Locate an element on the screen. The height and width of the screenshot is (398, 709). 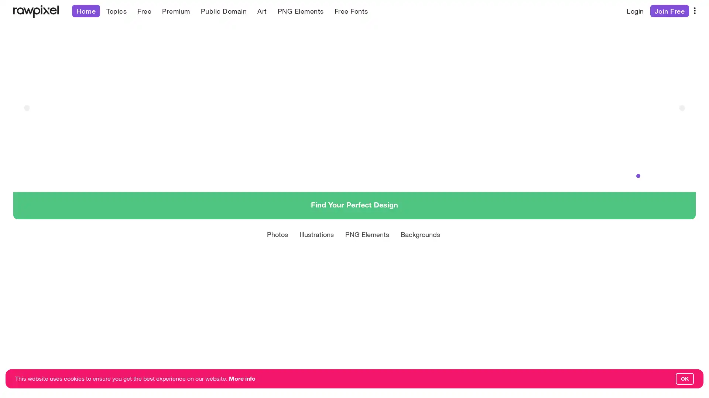
OK is located at coordinates (684, 379).